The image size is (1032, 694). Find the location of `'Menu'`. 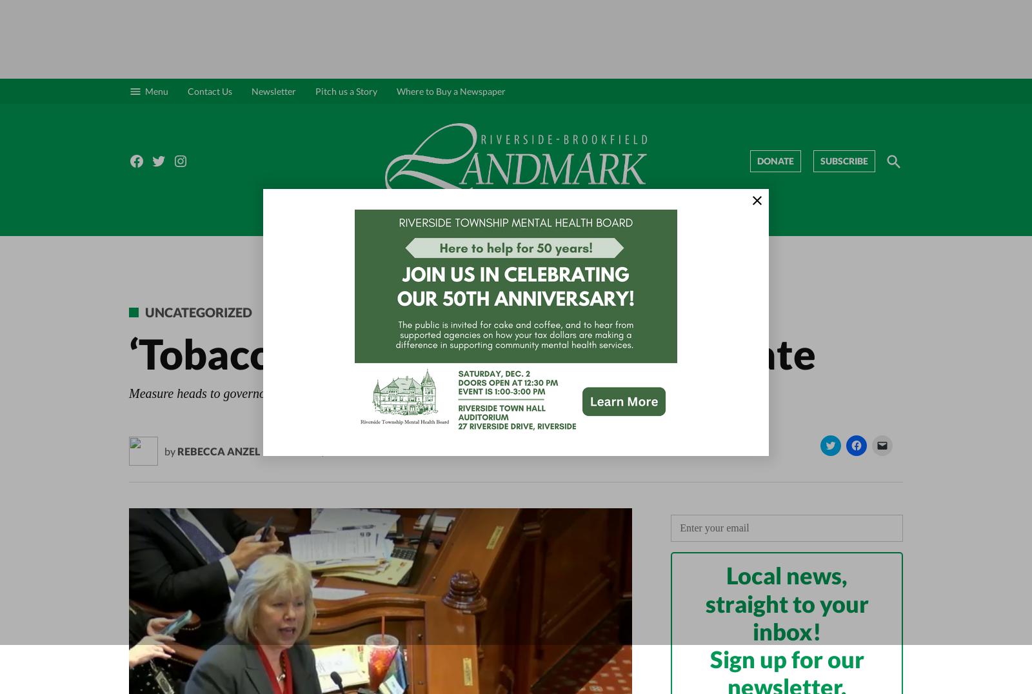

'Menu' is located at coordinates (157, 90).